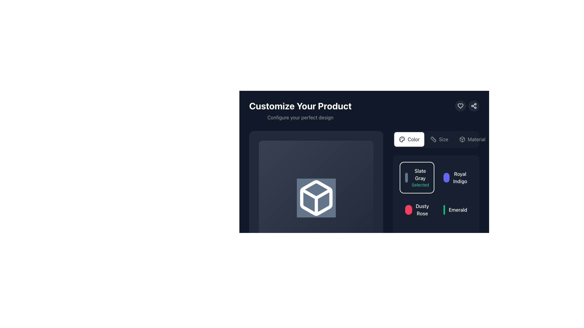  Describe the element at coordinates (455, 209) in the screenshot. I see `the 'Emerald' color selection button located in the fourth row of the 'Color' category` at that location.